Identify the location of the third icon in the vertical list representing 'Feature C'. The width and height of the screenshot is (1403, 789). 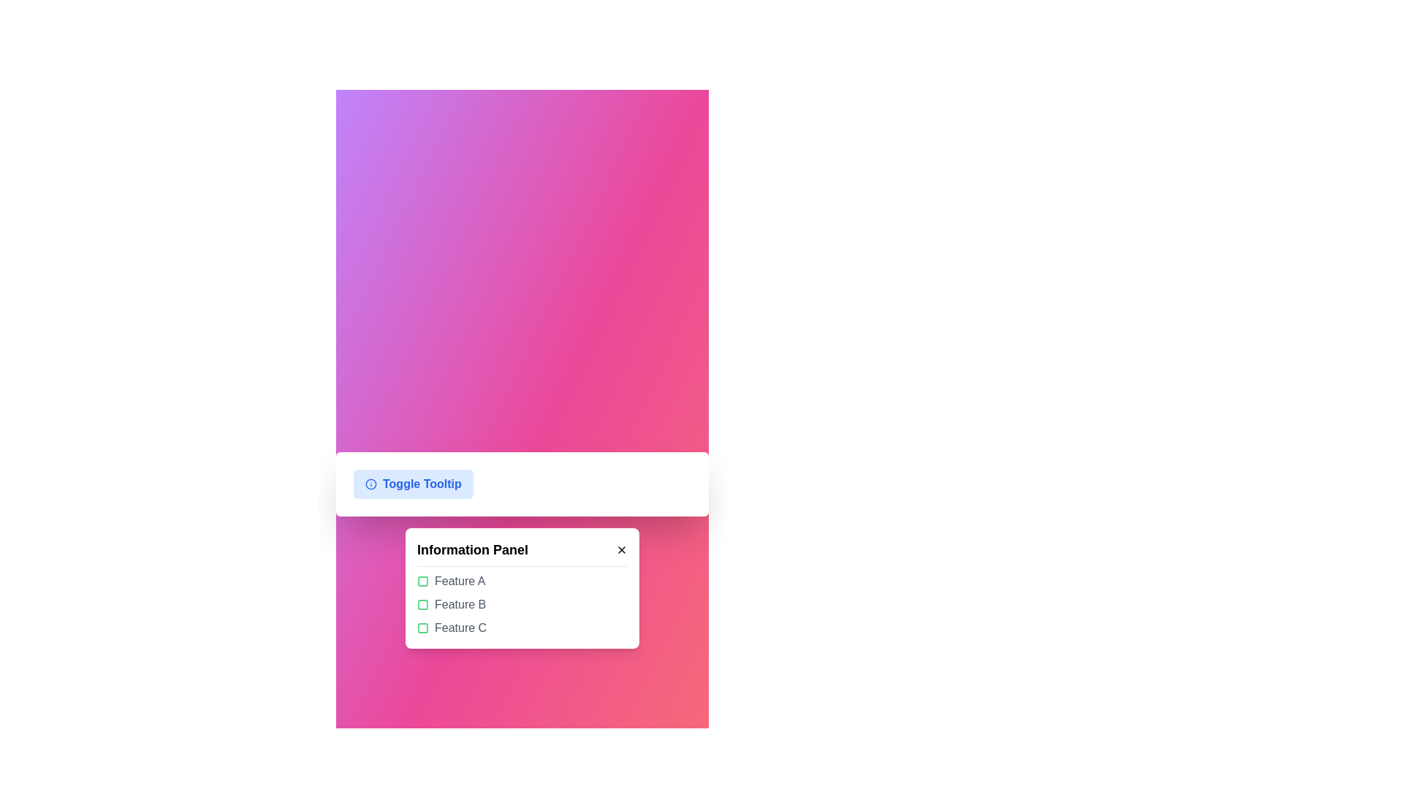
(422, 628).